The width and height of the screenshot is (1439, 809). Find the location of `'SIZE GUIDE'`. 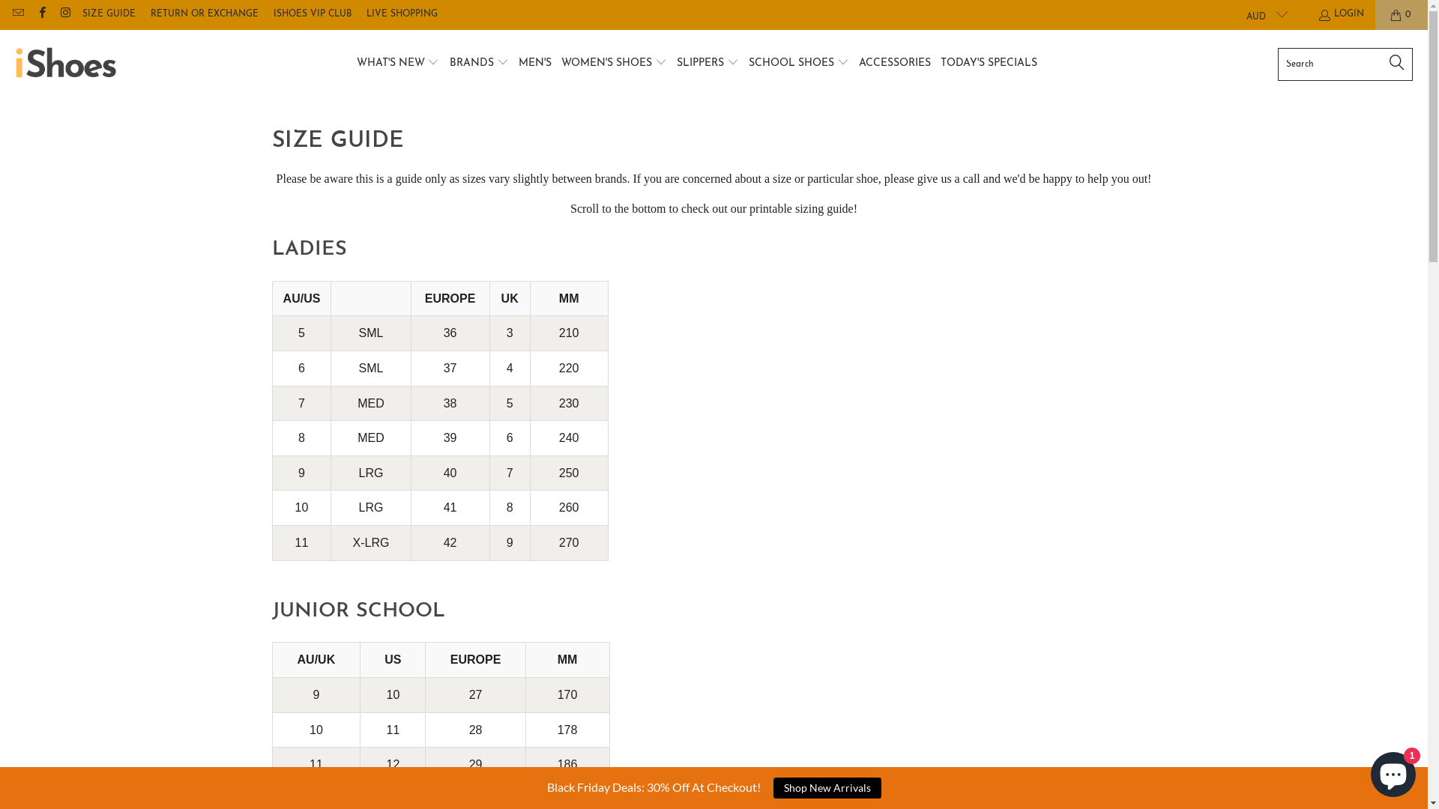

'SIZE GUIDE' is located at coordinates (108, 14).